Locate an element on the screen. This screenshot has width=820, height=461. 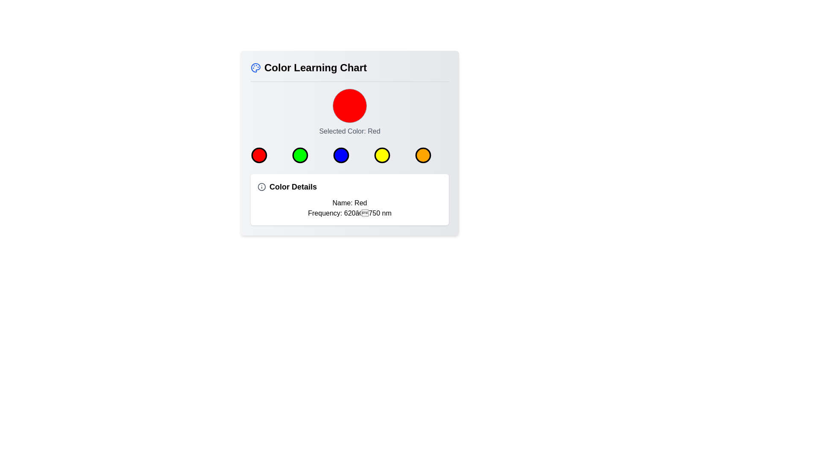
the 'Color Learning Chart' text label, which is styled as a bold and enlarged title, to engage with the surrounding elements it describes is located at coordinates (315, 67).